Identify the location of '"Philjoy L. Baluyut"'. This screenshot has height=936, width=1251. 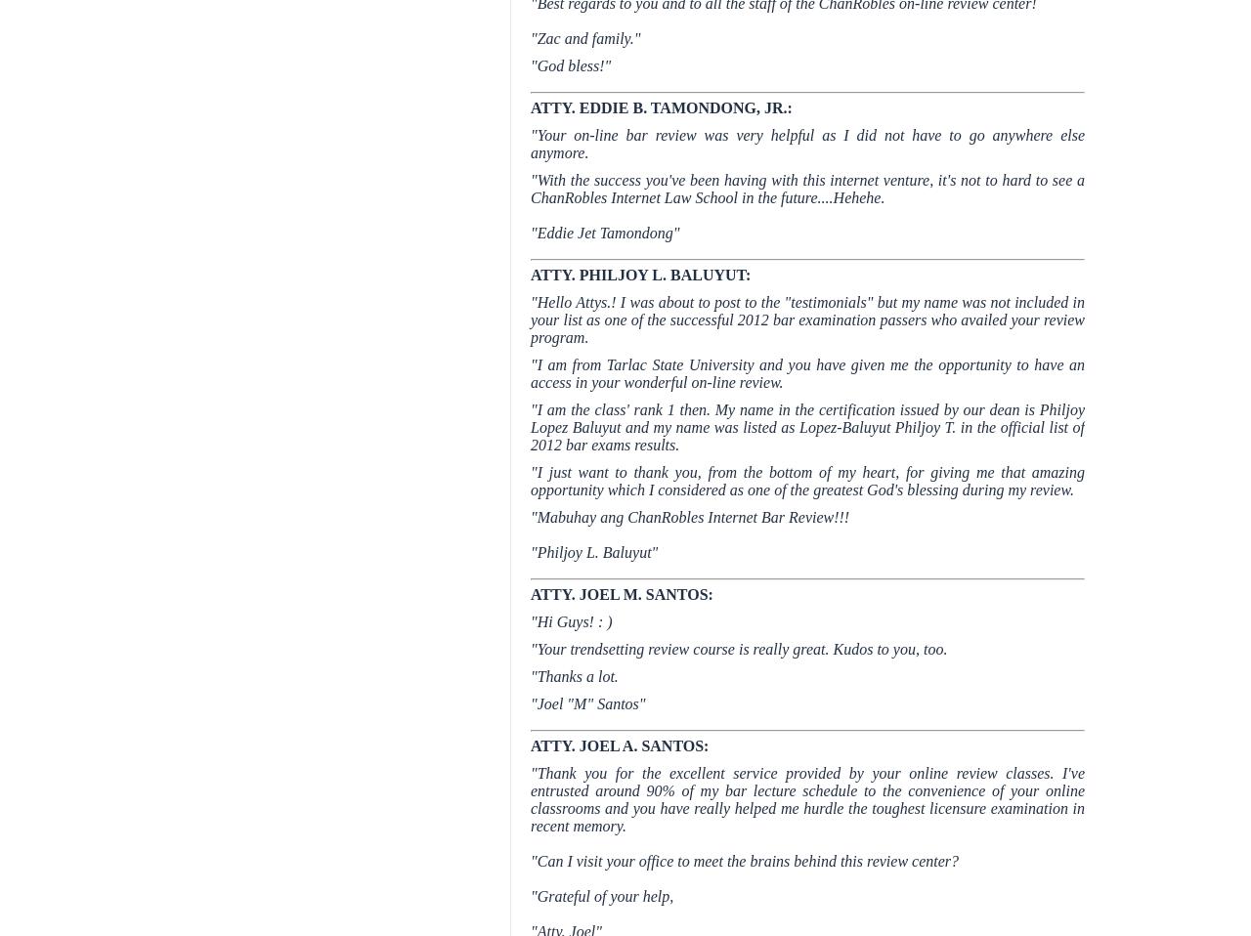
(593, 552).